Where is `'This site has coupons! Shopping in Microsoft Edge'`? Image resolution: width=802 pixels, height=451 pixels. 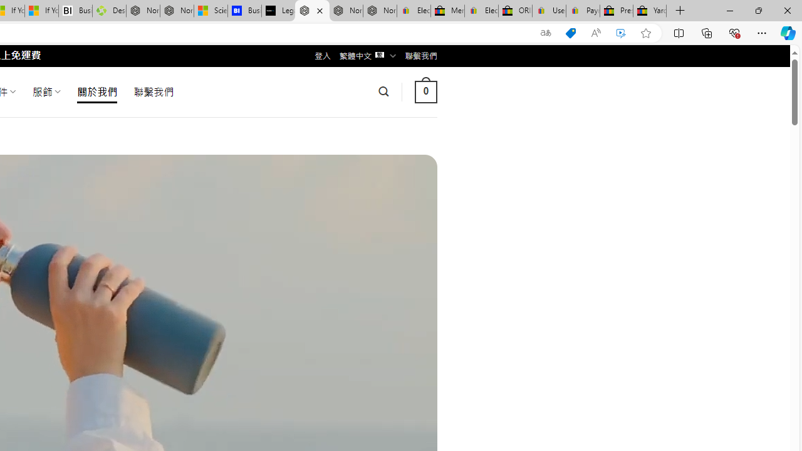 'This site has coupons! Shopping in Microsoft Edge' is located at coordinates (570, 33).